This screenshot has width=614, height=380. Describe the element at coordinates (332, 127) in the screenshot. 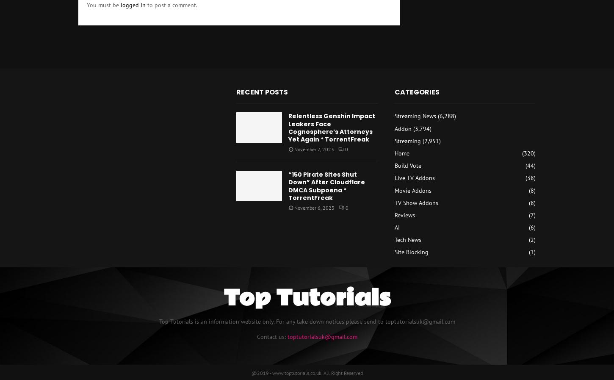

I see `'Relentless Genshin Impact Leakers Face Cognosphere’s Attorneys Yet Again * TorrentFreak'` at that location.